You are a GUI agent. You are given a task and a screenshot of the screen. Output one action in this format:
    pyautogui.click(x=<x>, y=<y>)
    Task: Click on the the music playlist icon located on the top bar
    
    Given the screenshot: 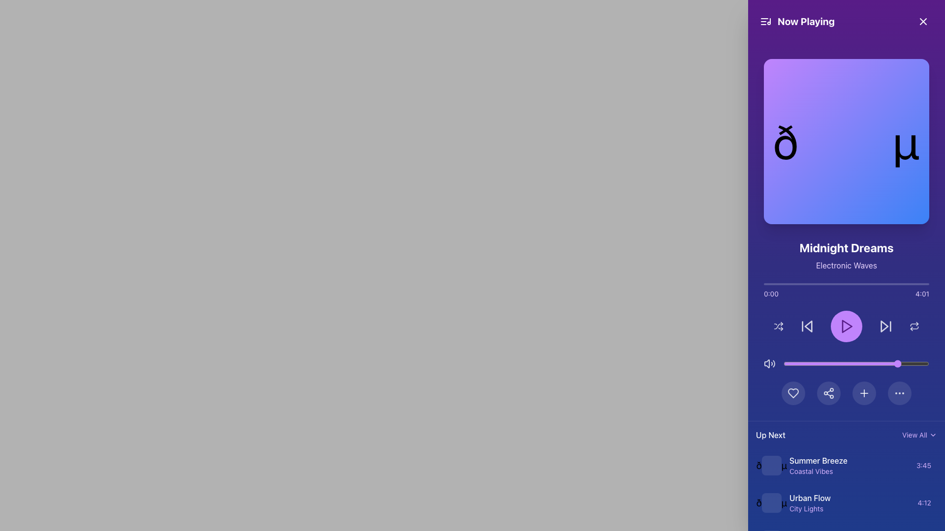 What is the action you would take?
    pyautogui.click(x=765, y=21)
    